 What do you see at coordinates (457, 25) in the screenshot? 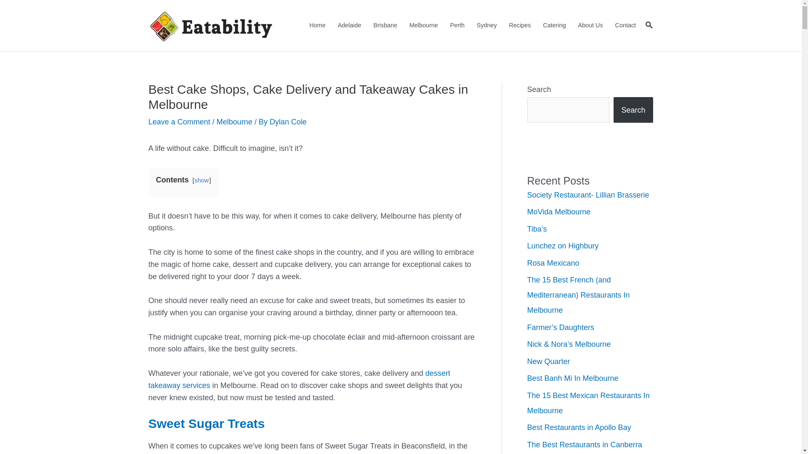
I see `'Perth'` at bounding box center [457, 25].